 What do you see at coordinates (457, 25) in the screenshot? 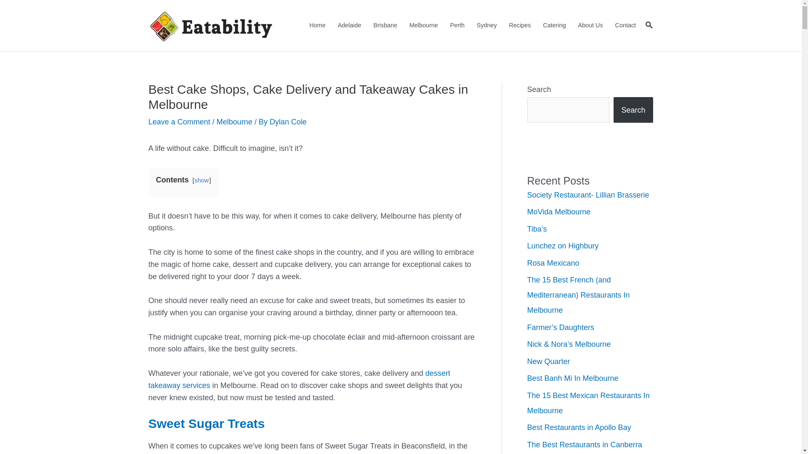
I see `'Perth'` at bounding box center [457, 25].